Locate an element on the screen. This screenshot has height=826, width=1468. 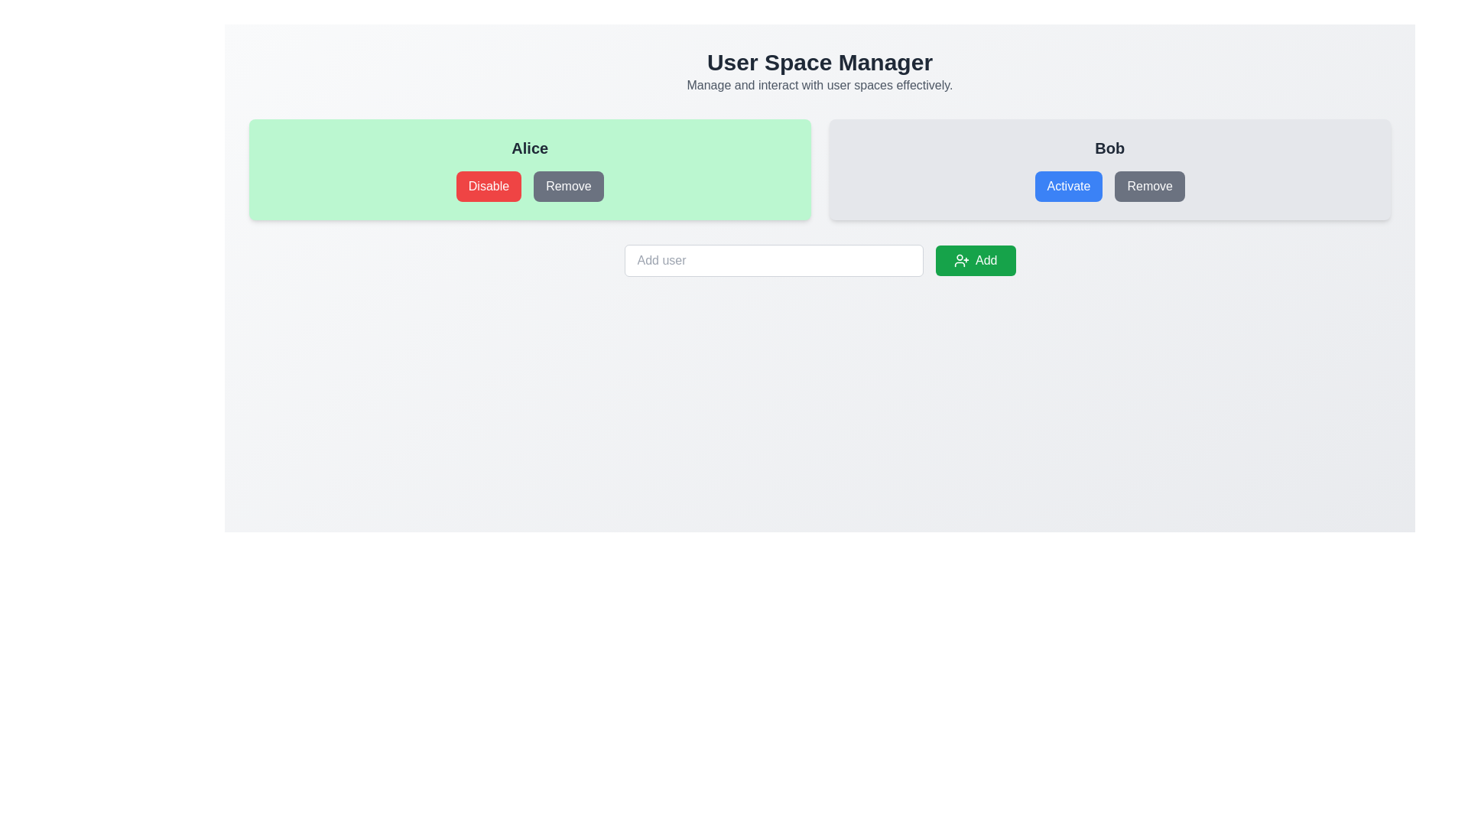
the icon within the green 'Add' button is located at coordinates (960, 259).